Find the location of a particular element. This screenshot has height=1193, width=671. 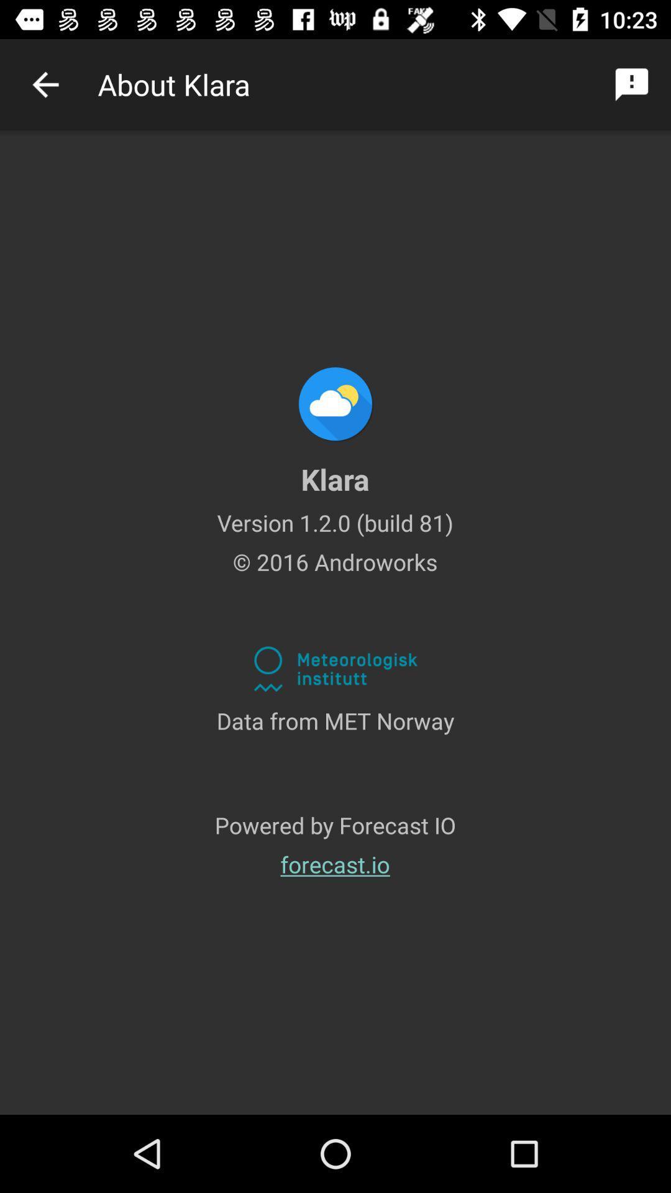

icon at the top right corner is located at coordinates (632, 84).